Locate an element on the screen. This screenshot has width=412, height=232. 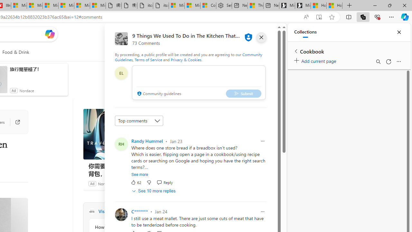
'Go to publisher' is located at coordinates (14, 122).